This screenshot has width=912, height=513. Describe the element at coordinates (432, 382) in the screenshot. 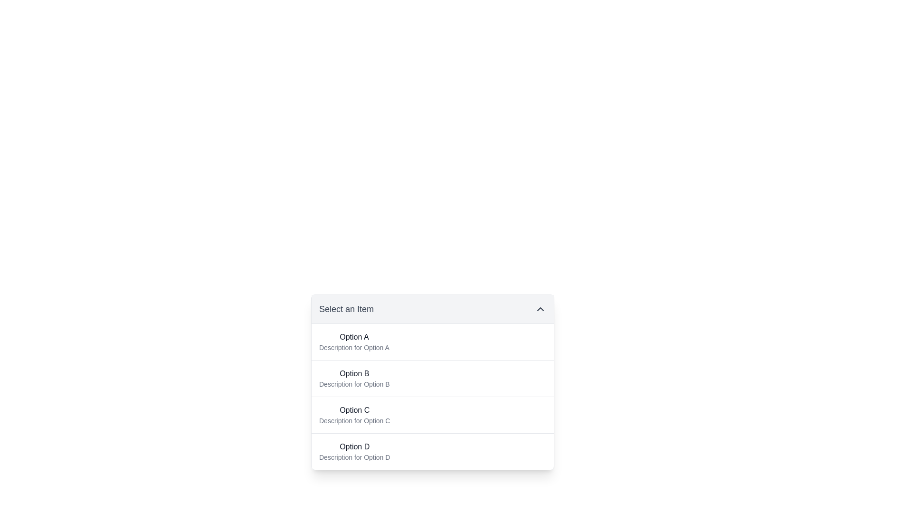

I see `the second option in the dropdown menu that is positioned below the 'Select an Item' heading by` at that location.